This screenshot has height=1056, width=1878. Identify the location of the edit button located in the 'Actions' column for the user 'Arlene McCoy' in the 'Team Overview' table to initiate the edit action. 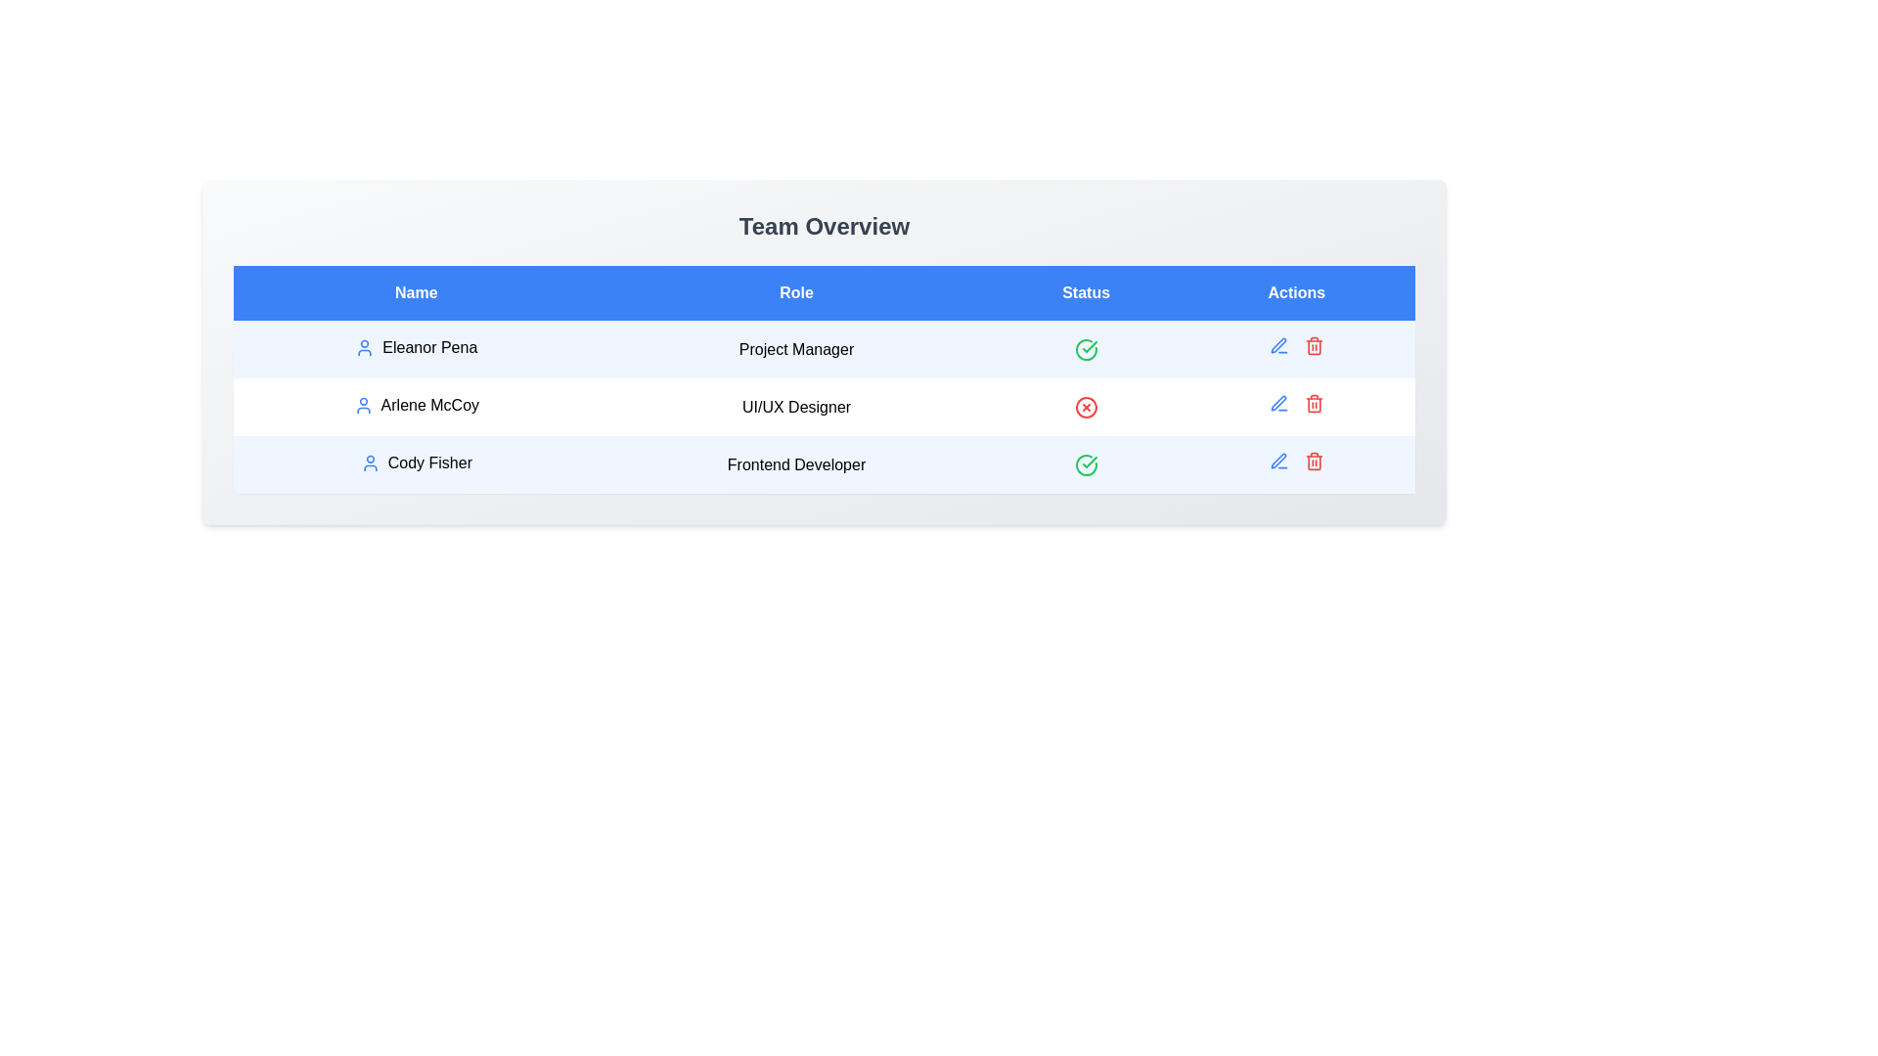
(1277, 402).